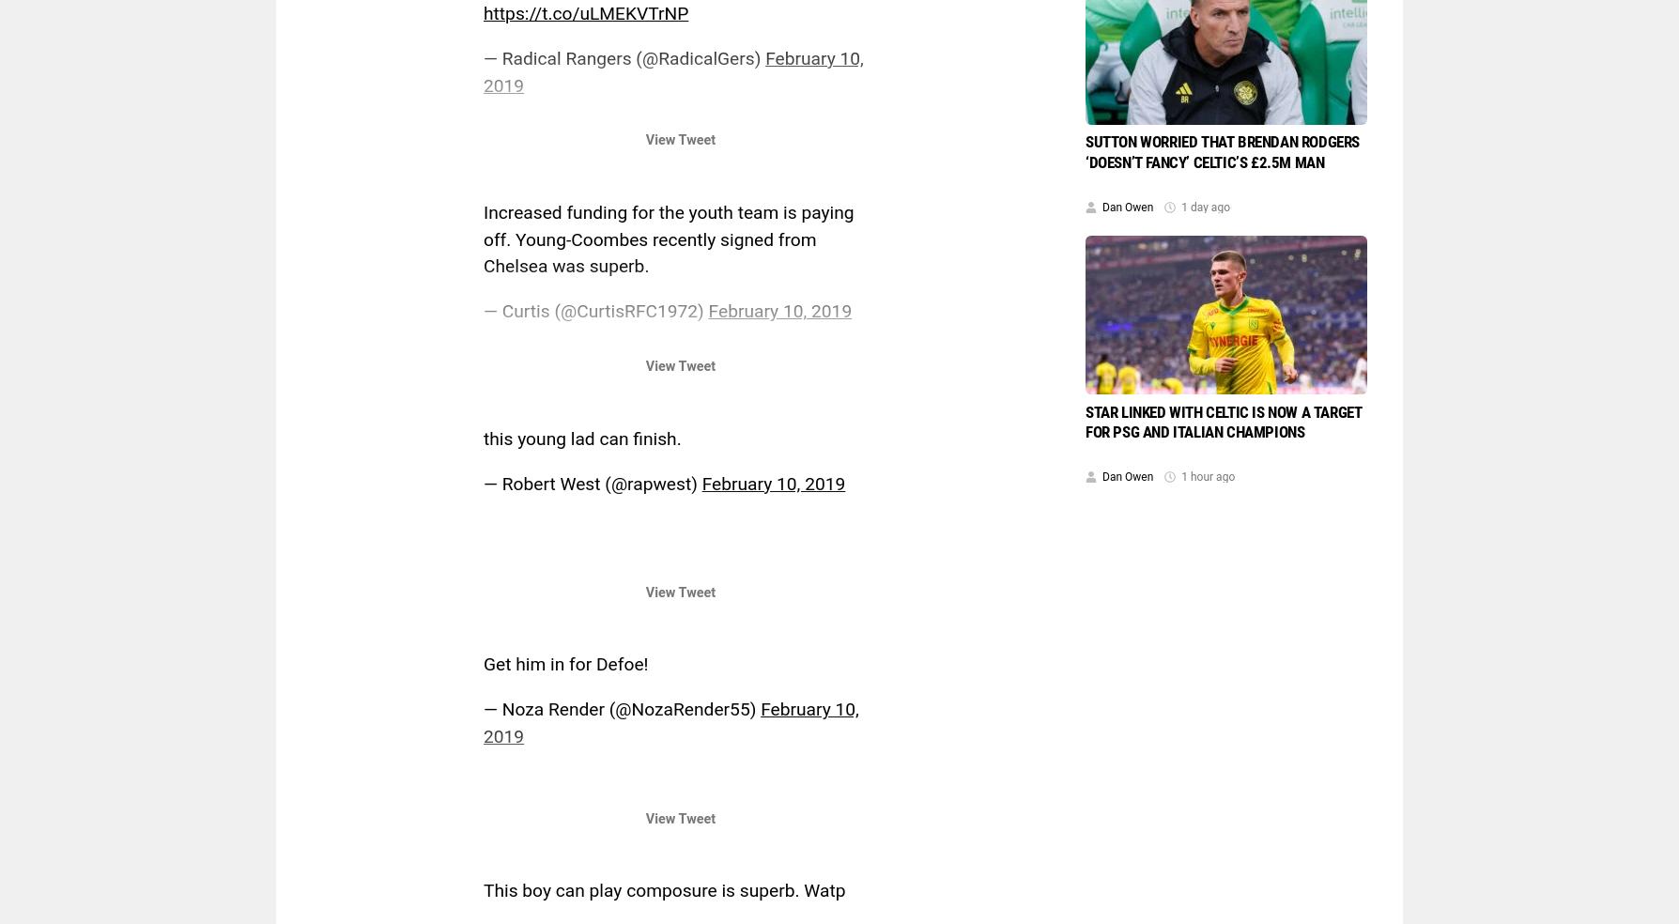 This screenshot has width=1679, height=924. Describe the element at coordinates (1180, 208) in the screenshot. I see `'1 day ago'` at that location.